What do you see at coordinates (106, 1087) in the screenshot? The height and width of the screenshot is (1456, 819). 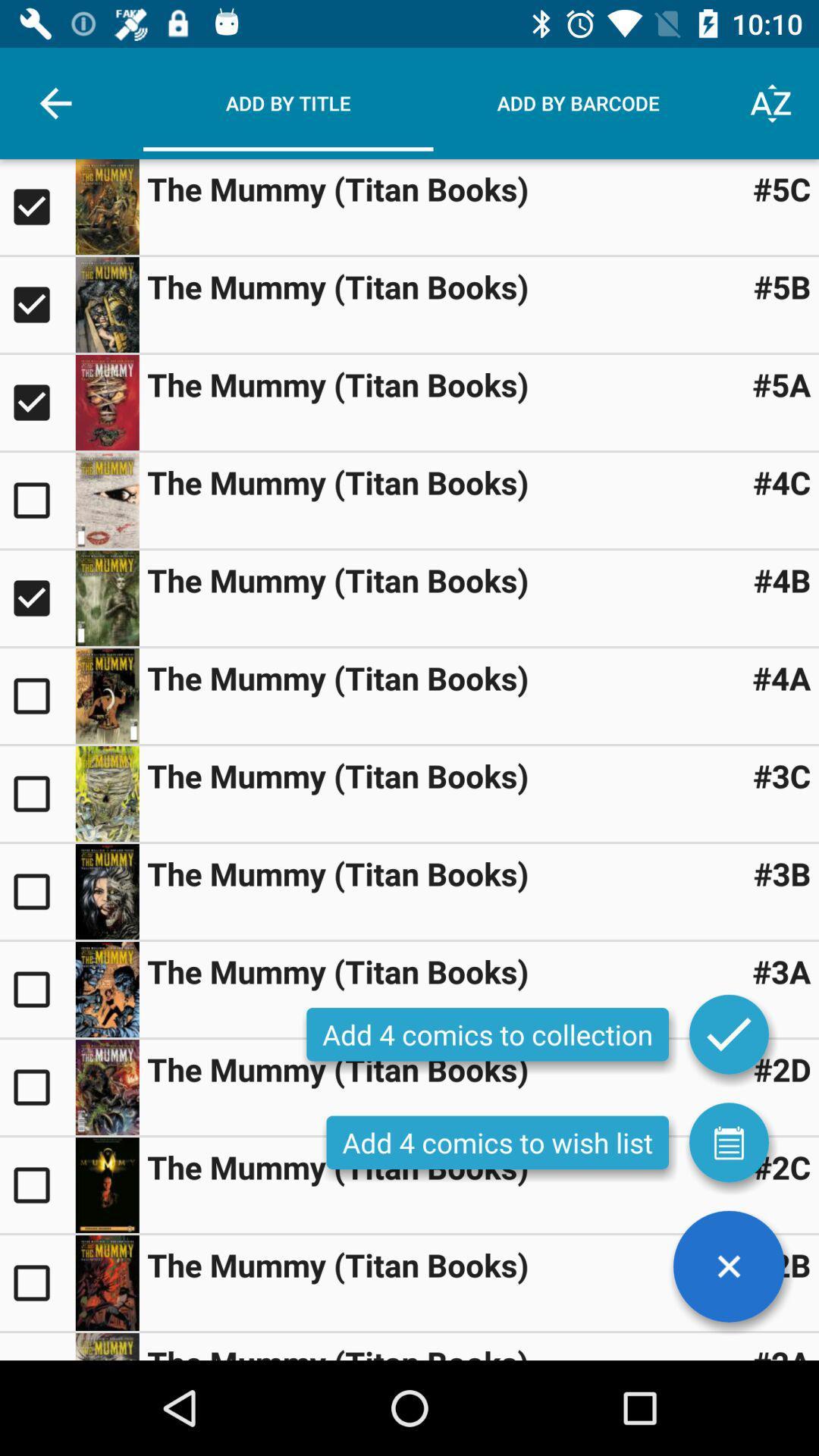 I see `the book` at bounding box center [106, 1087].